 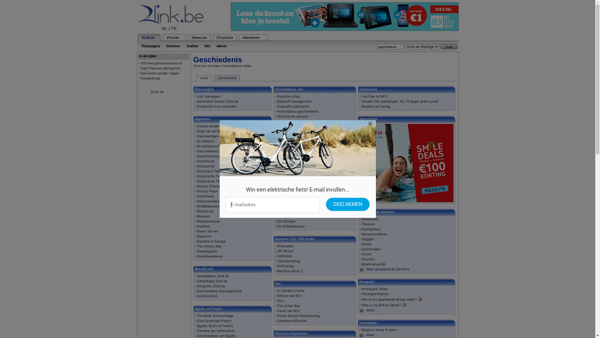 I want to click on 'Roulette in Europa', so click(x=211, y=241).